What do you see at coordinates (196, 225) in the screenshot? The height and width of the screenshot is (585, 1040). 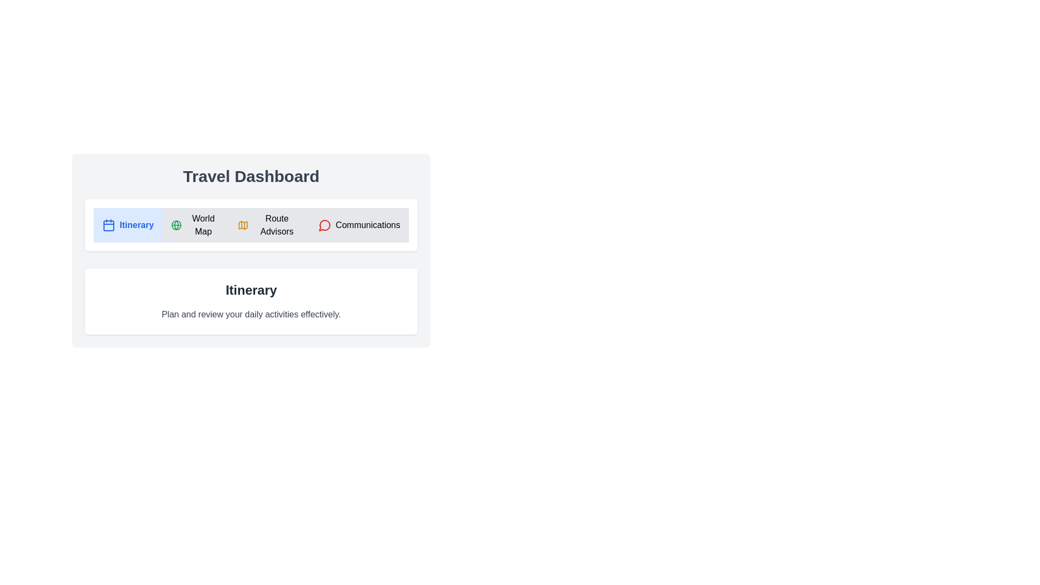 I see `the tab labeled World Map to view its content` at bounding box center [196, 225].